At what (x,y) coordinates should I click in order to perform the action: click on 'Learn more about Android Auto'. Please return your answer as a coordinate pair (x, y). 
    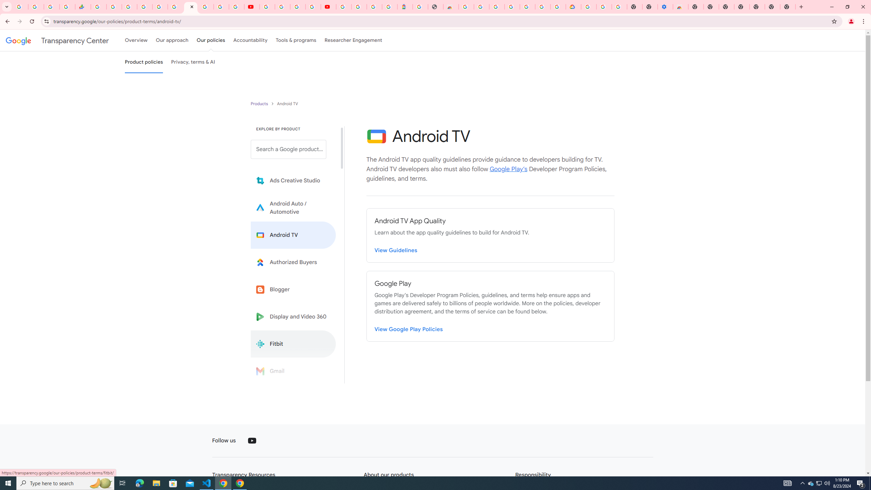
    Looking at the image, I should click on (293, 208).